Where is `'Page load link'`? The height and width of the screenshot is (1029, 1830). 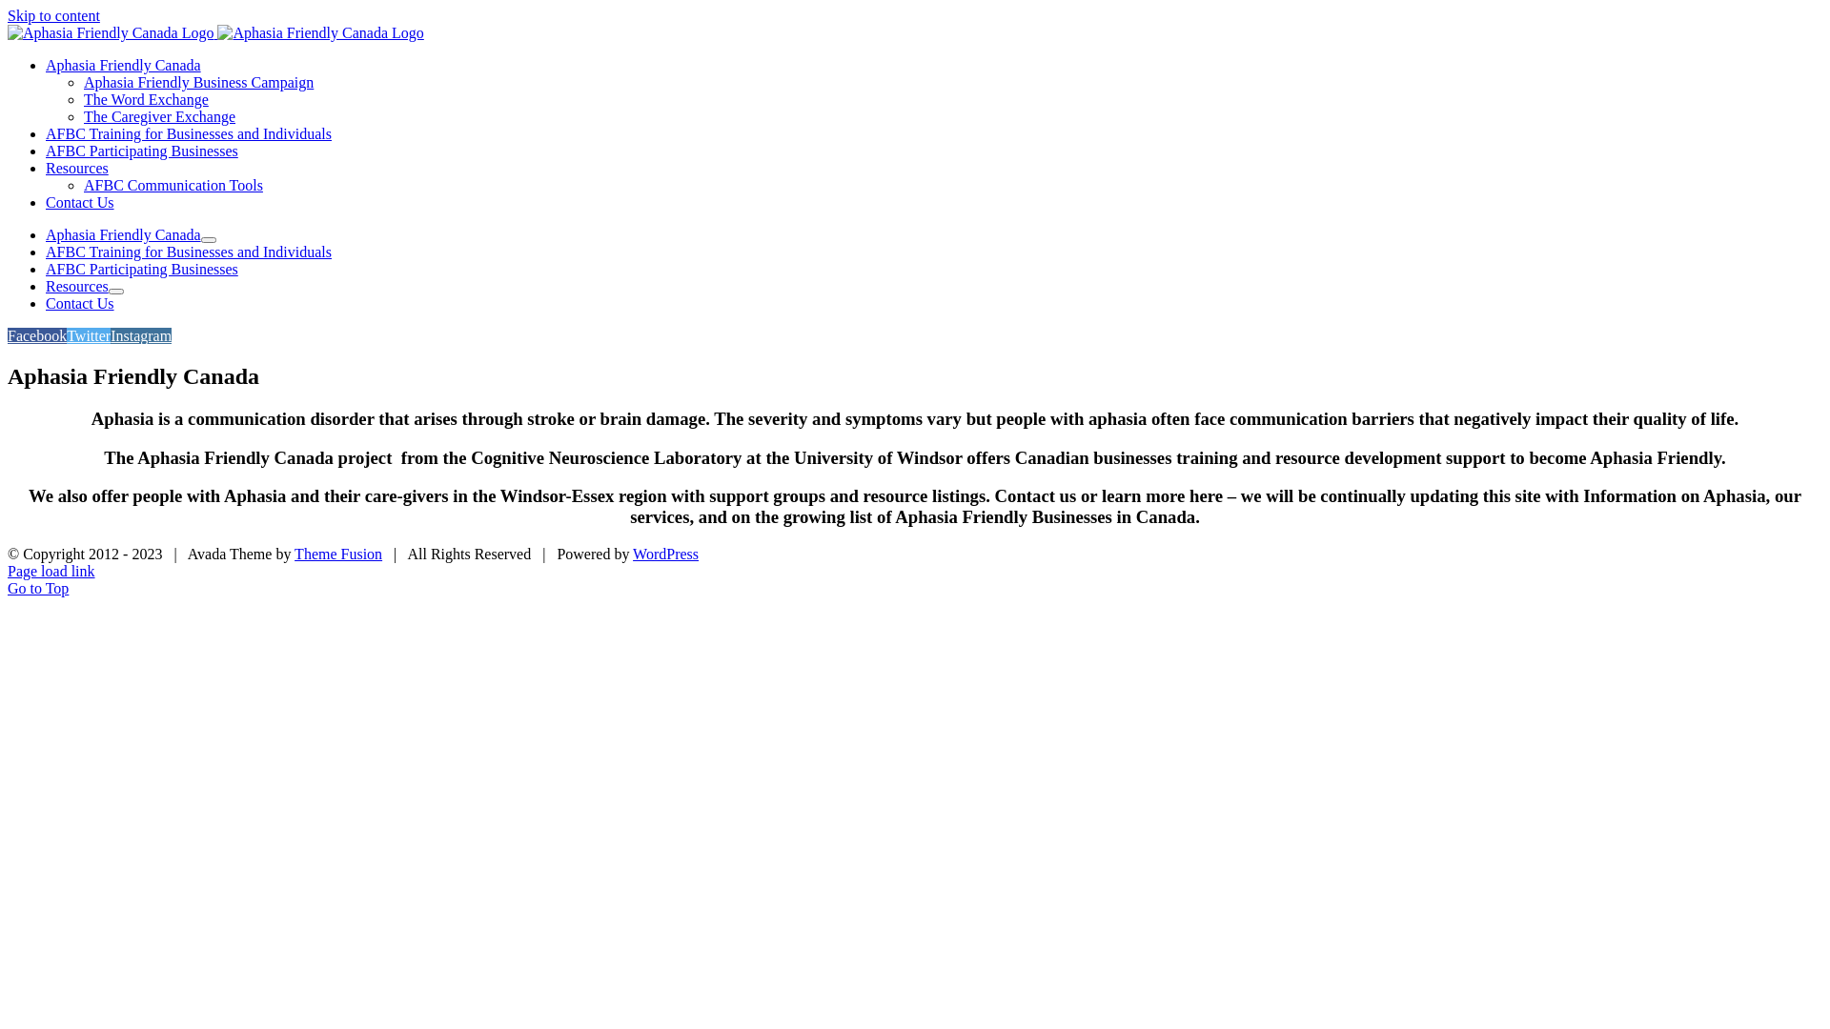
'Page load link' is located at coordinates (51, 570).